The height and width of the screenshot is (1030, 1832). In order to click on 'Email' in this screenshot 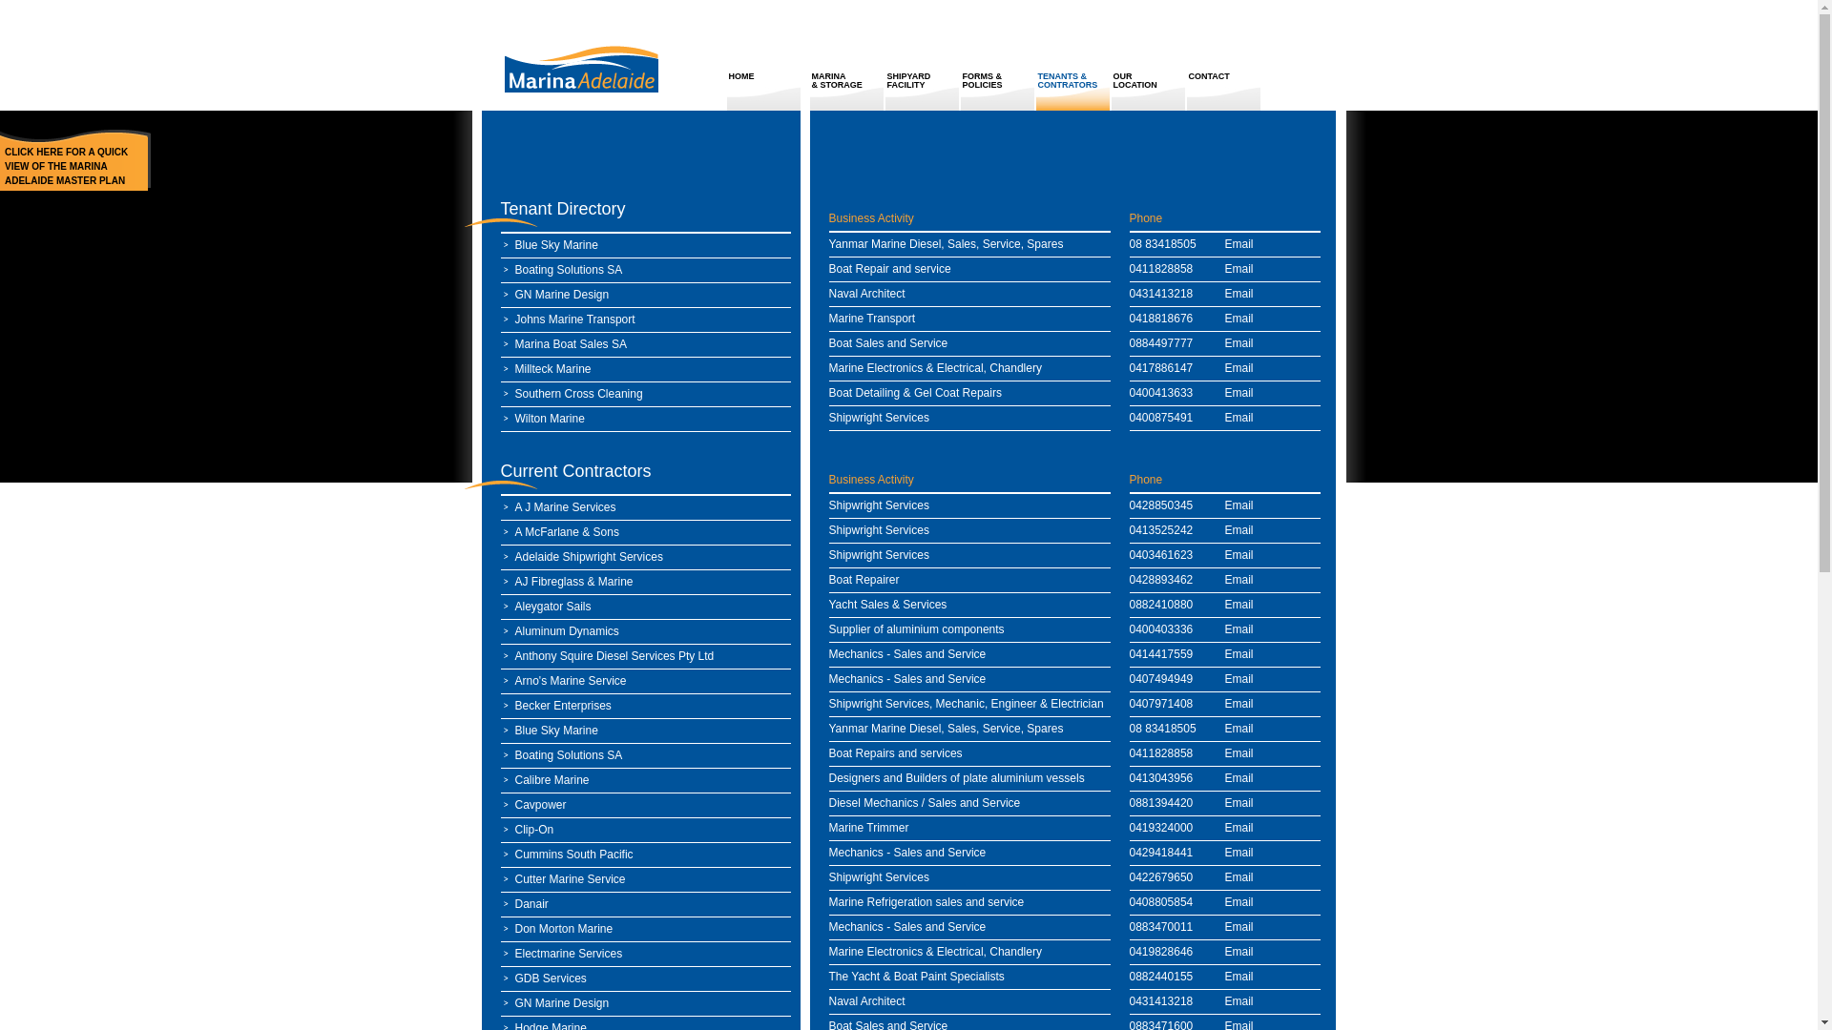, I will do `click(1239, 504)`.